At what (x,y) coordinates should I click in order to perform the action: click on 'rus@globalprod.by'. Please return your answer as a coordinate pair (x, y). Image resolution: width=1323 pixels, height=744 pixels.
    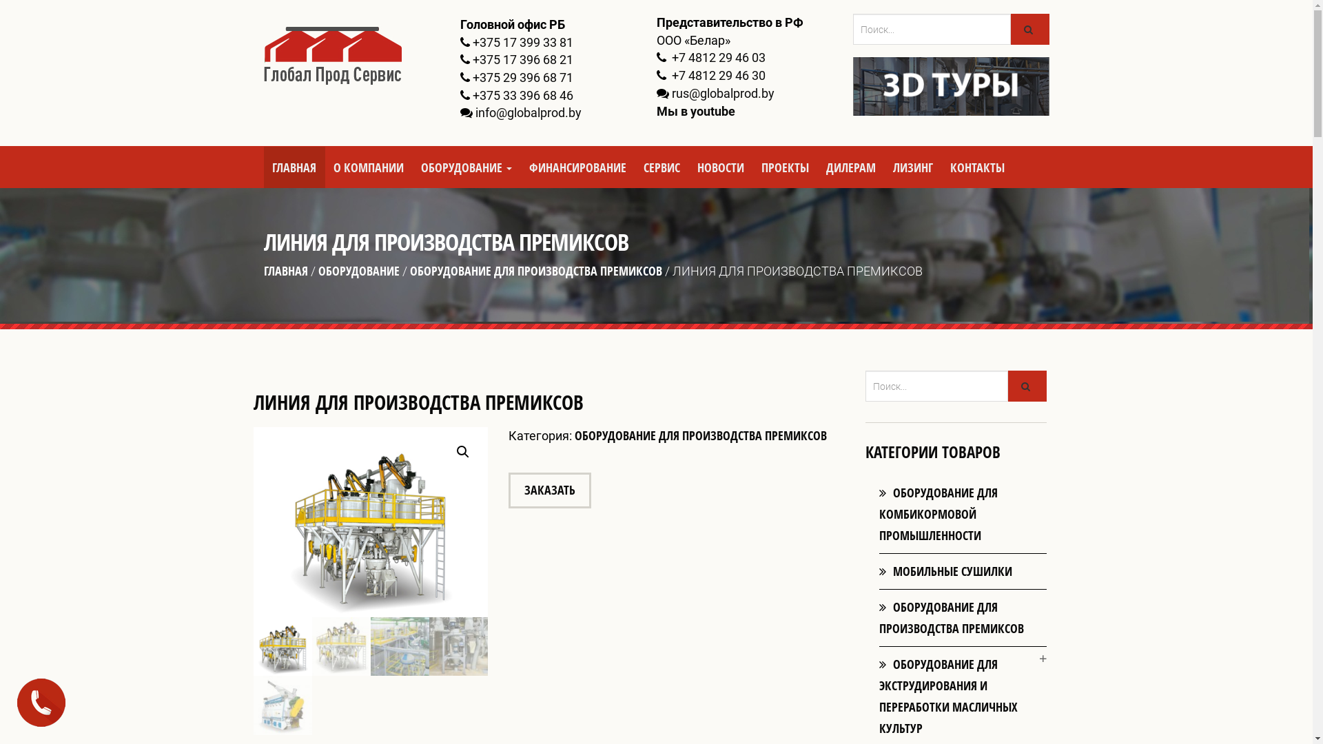
    Looking at the image, I should click on (721, 93).